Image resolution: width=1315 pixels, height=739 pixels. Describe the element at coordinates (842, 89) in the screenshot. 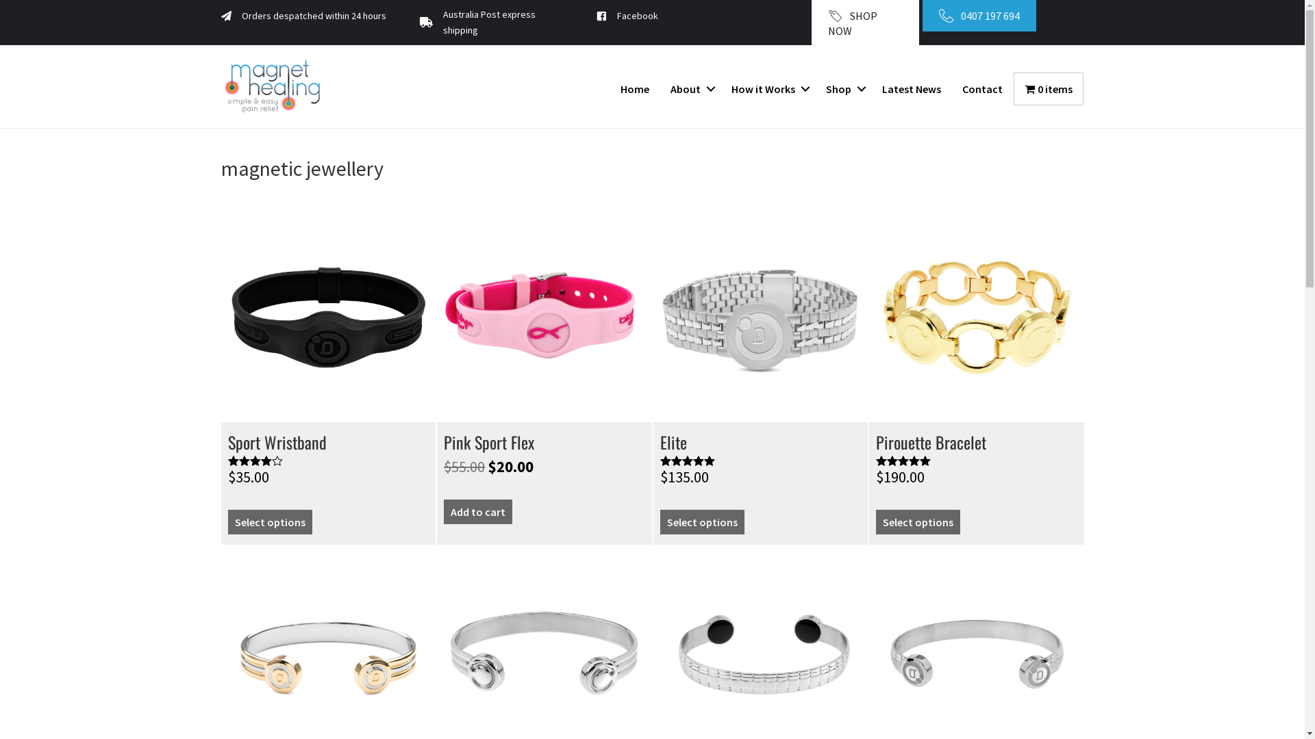

I see `'Shop'` at that location.